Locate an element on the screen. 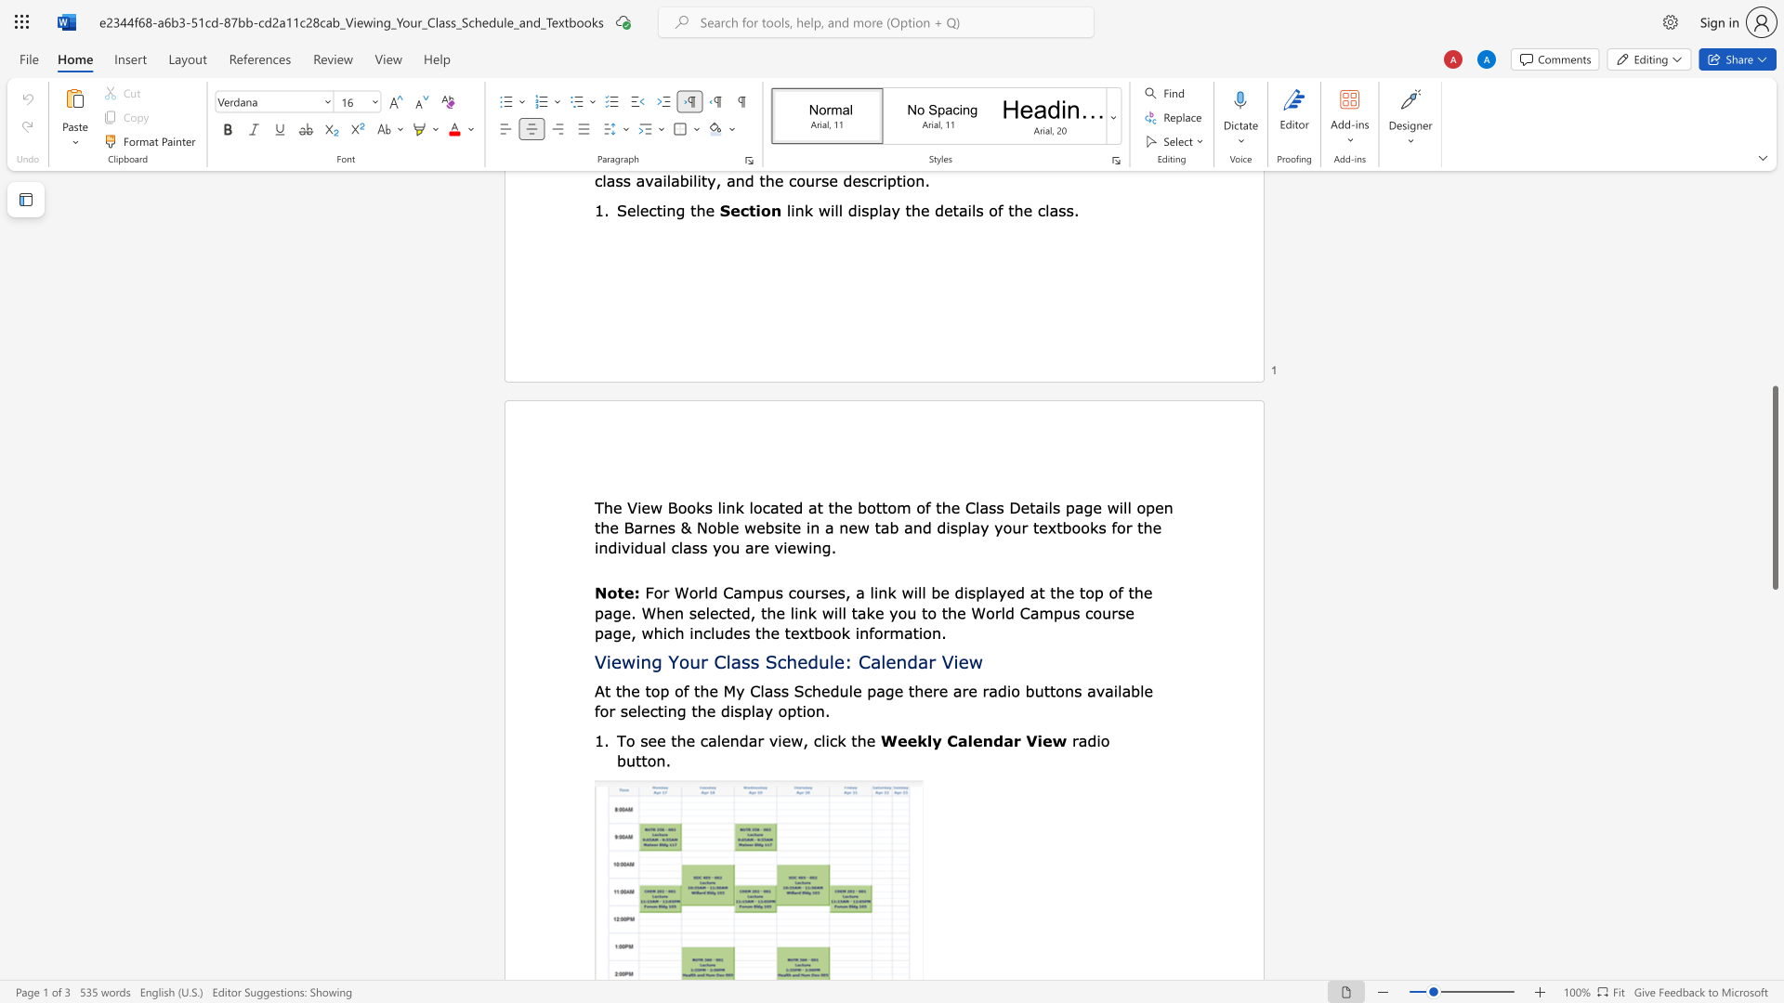  the scrollbar is located at coordinates (1774, 231).